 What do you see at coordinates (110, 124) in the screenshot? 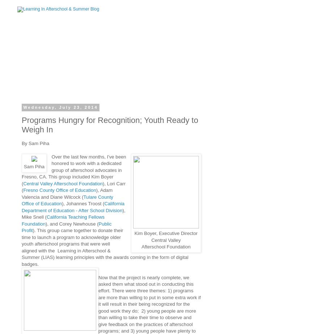
I see `'Programs Hungry for Recognition; Youth Ready to Weigh In'` at bounding box center [110, 124].